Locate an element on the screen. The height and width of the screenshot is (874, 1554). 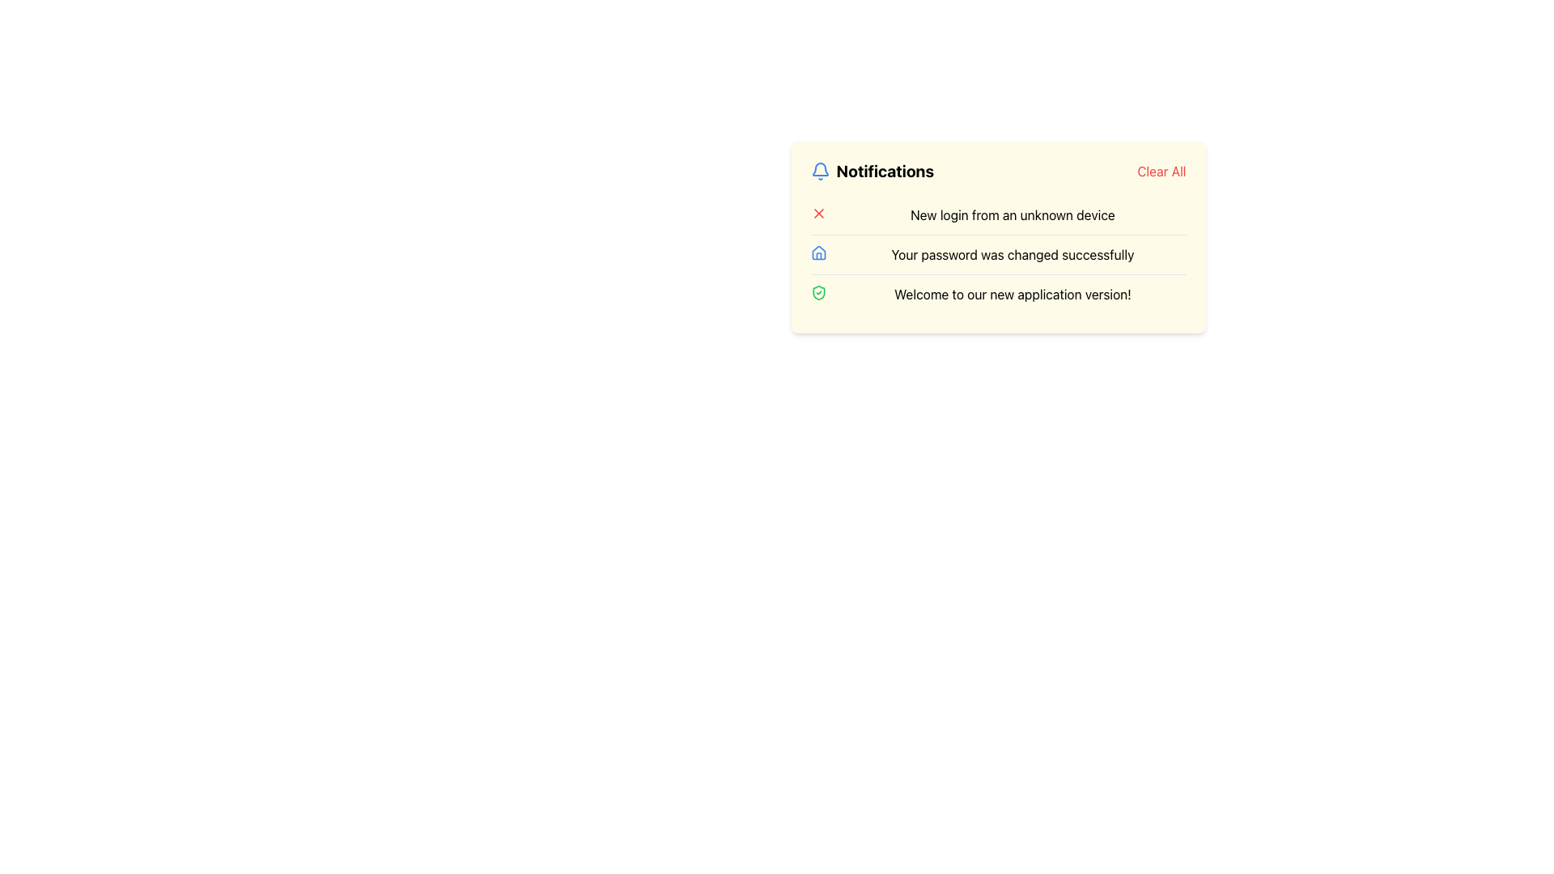
the status indicator icon located at the left end of the row displaying the text 'Welcome to our new application version!' is located at coordinates (818, 293).